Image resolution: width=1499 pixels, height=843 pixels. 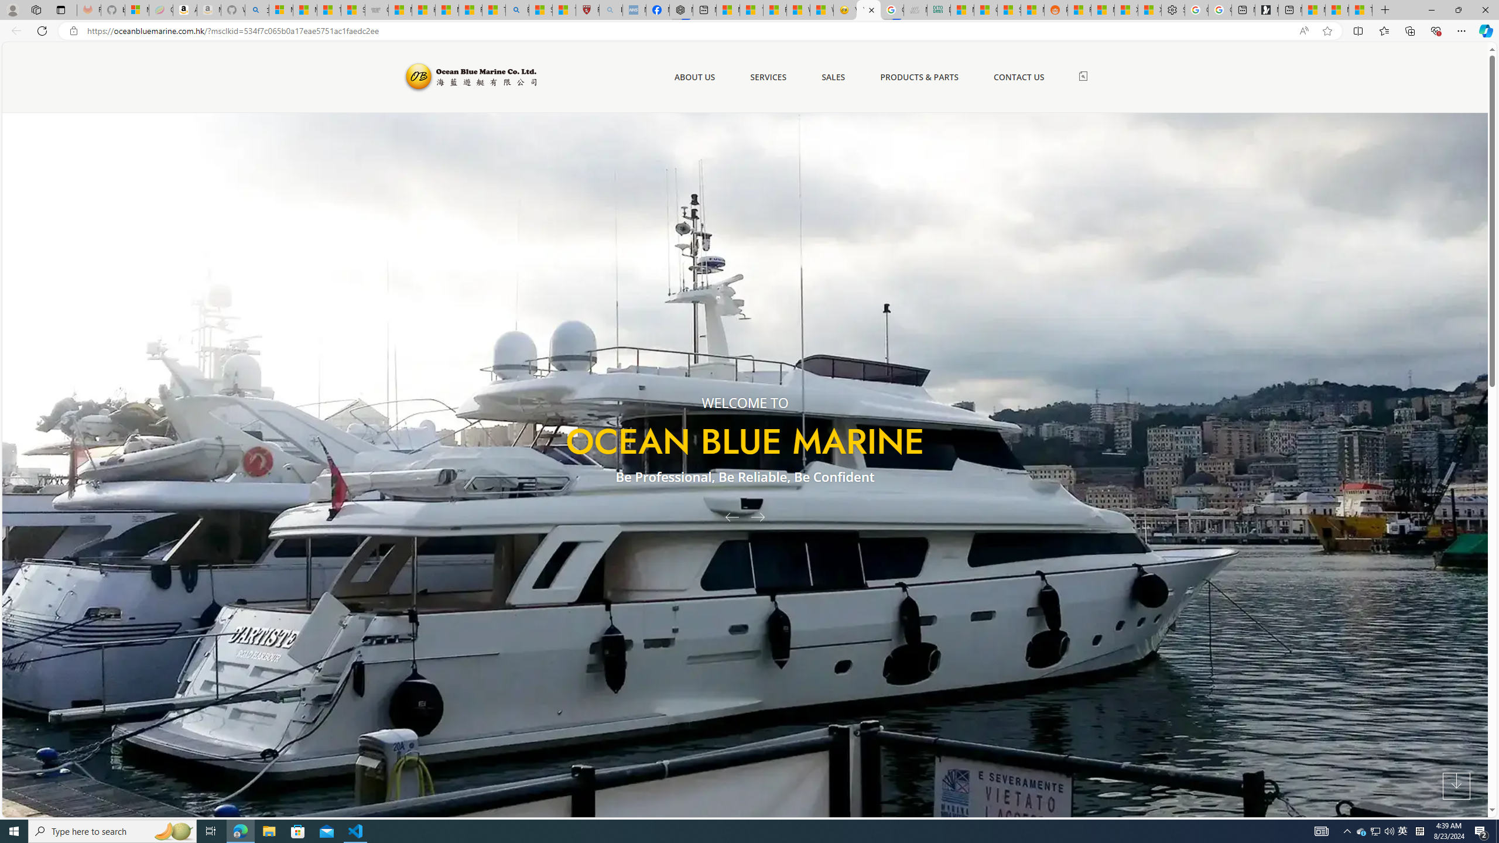 What do you see at coordinates (694, 76) in the screenshot?
I see `'ABOUT US'` at bounding box center [694, 76].